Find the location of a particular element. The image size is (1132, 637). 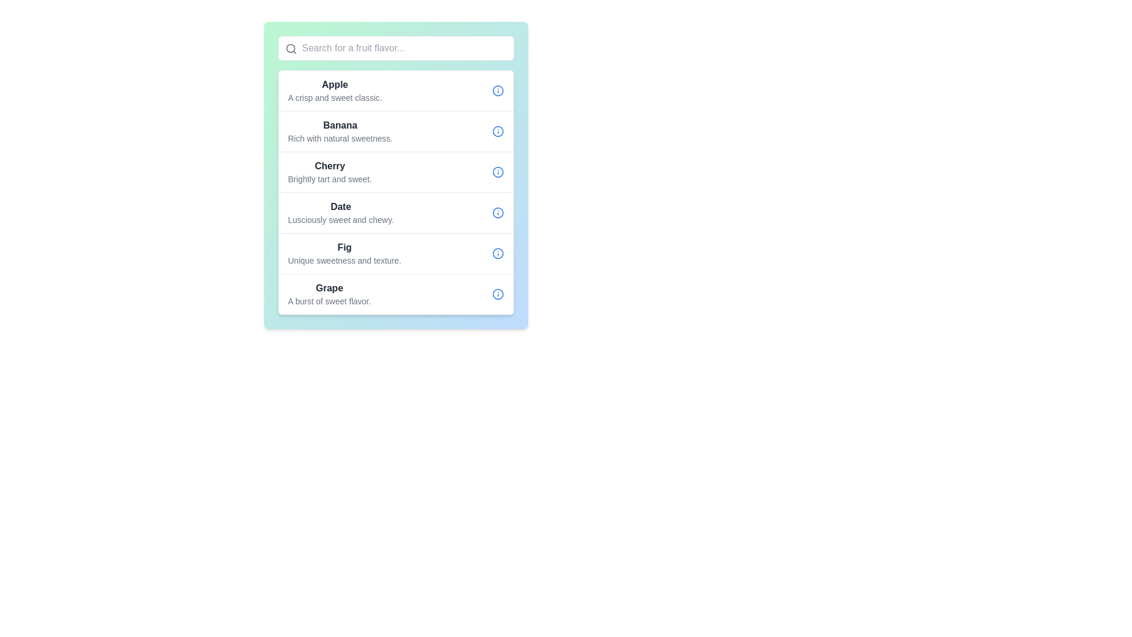

the info icon of the fifth item in the selectable list to obtain additional information related to the header text is located at coordinates (396, 252).